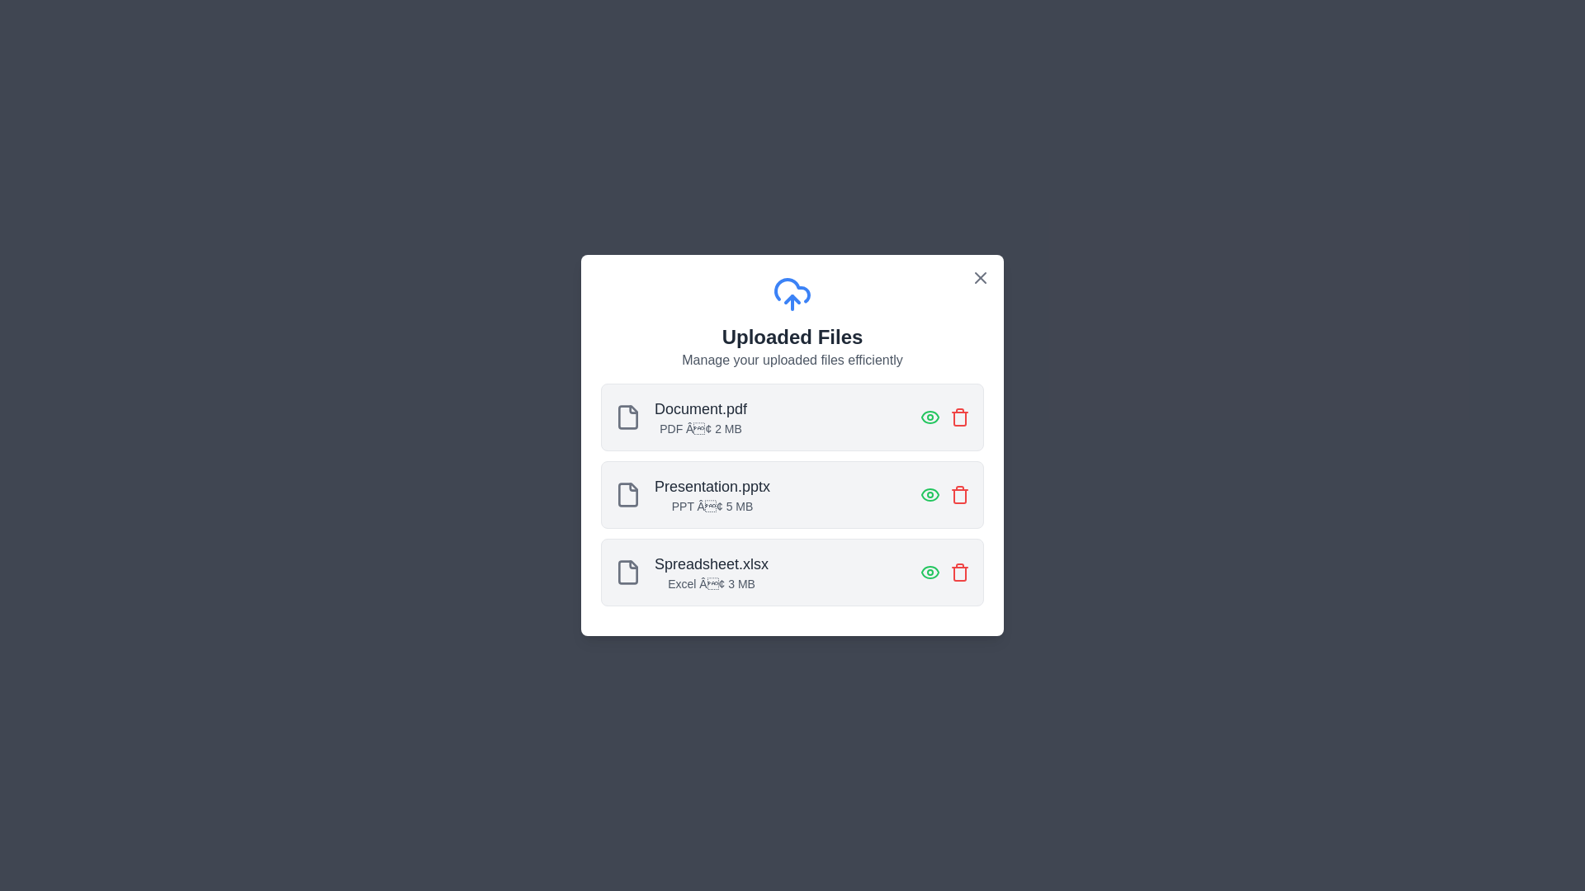 This screenshot has height=891, width=1585. I want to click on the file icon located to the left of 'Spreadsheet.xlsx', which is the bottom-most icon among three file entries, so click(627, 572).